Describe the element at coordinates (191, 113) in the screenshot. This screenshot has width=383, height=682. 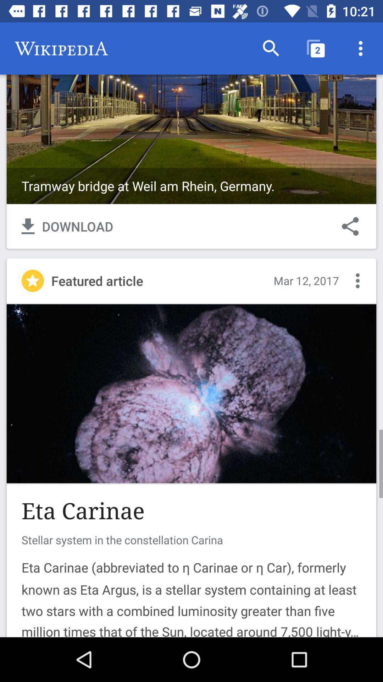
I see `open wikipedia` at that location.